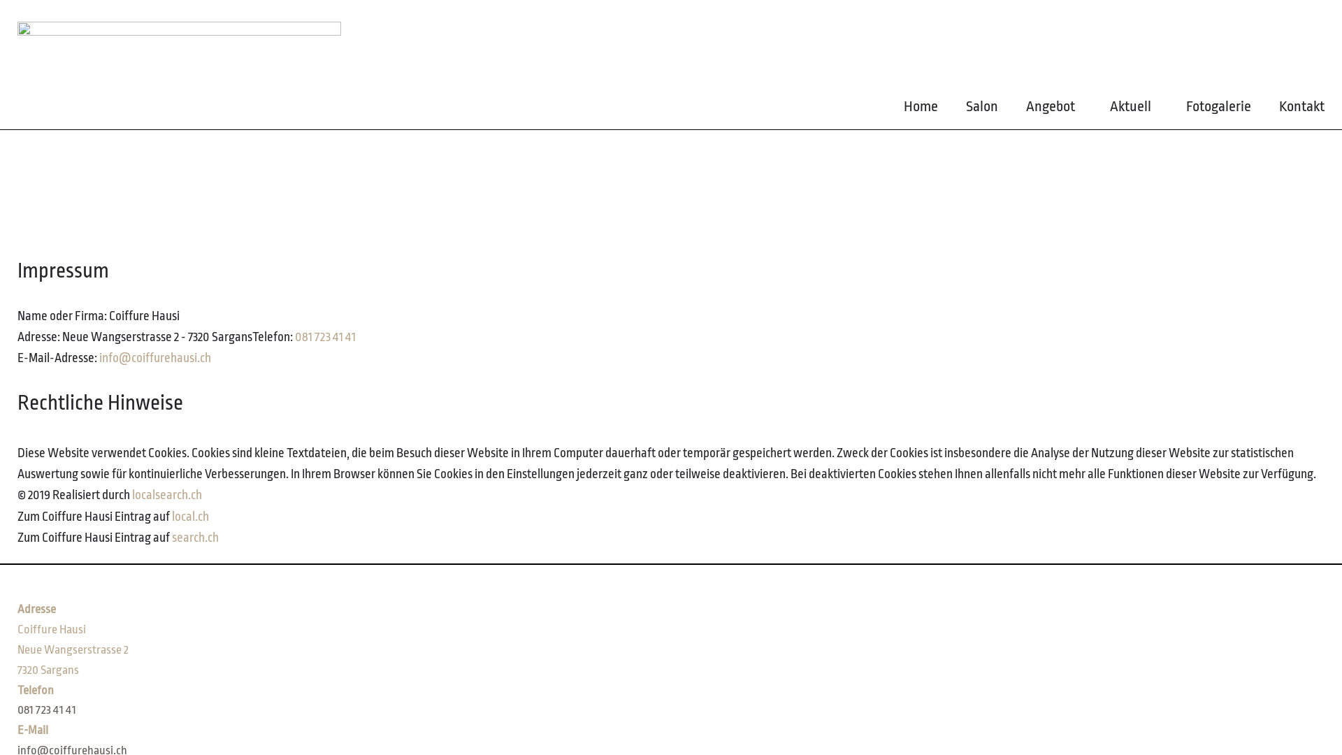 This screenshot has width=1342, height=755. What do you see at coordinates (167, 494) in the screenshot?
I see `'localsearch.ch'` at bounding box center [167, 494].